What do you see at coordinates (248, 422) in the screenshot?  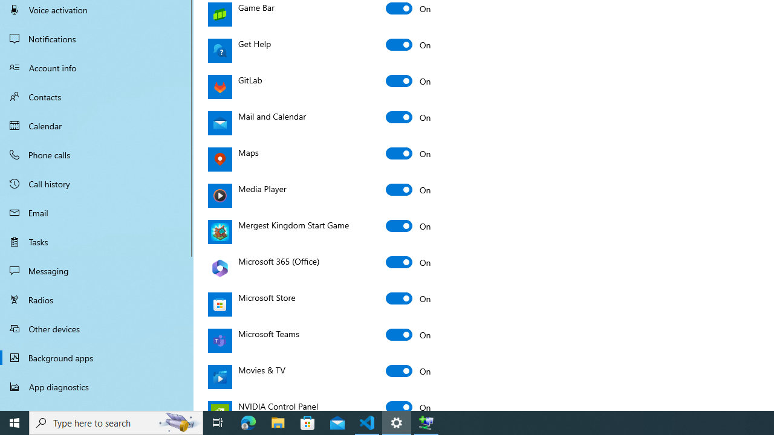 I see `'Microsoft Edge'` at bounding box center [248, 422].